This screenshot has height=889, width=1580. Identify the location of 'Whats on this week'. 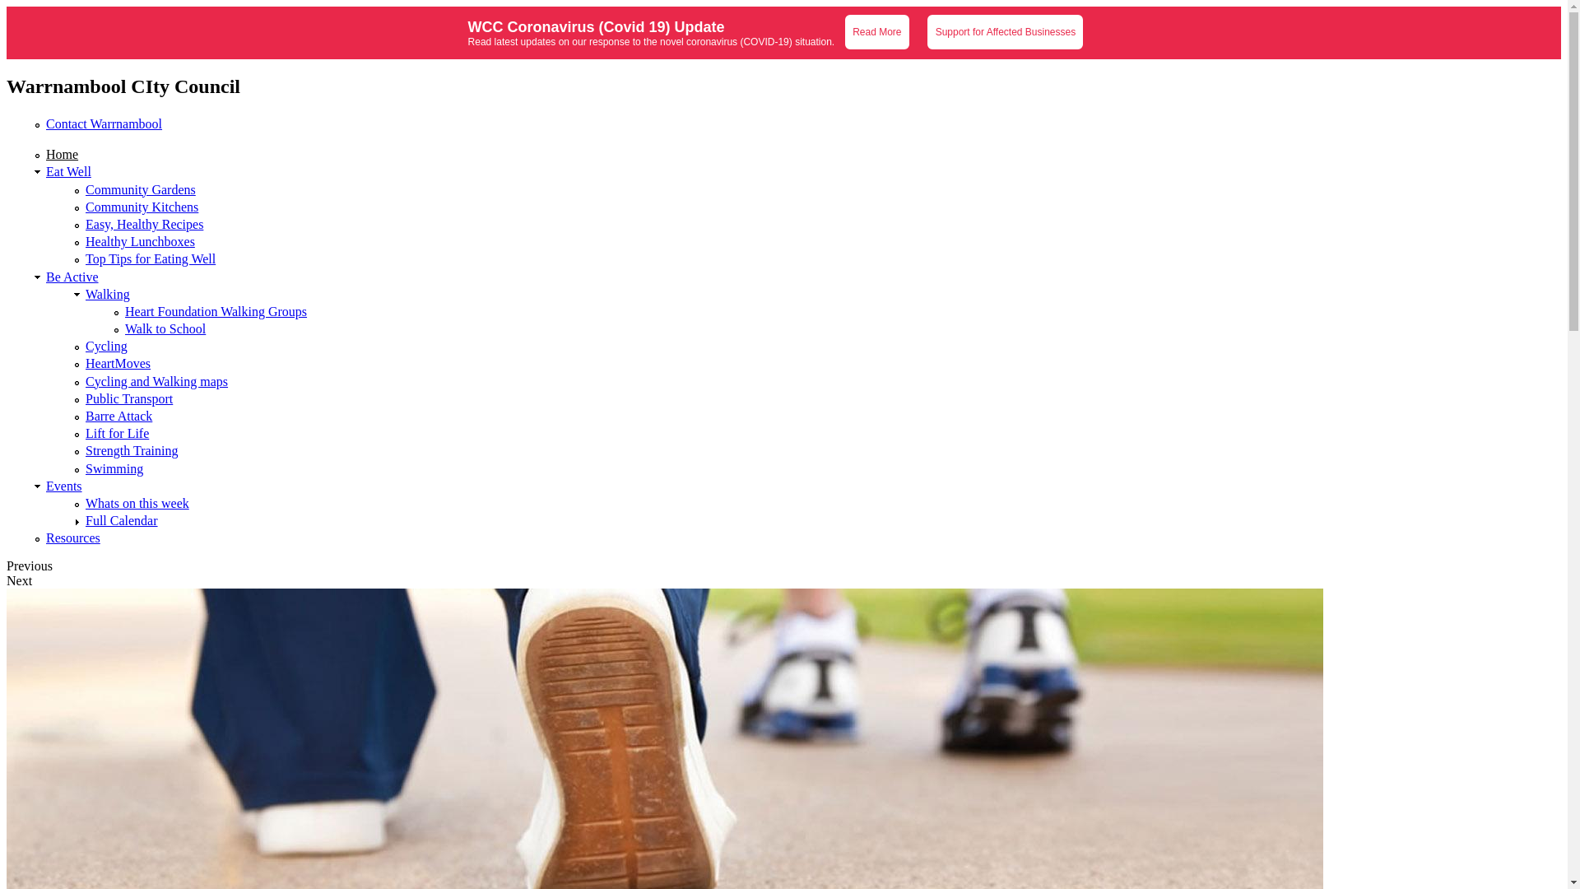
(137, 502).